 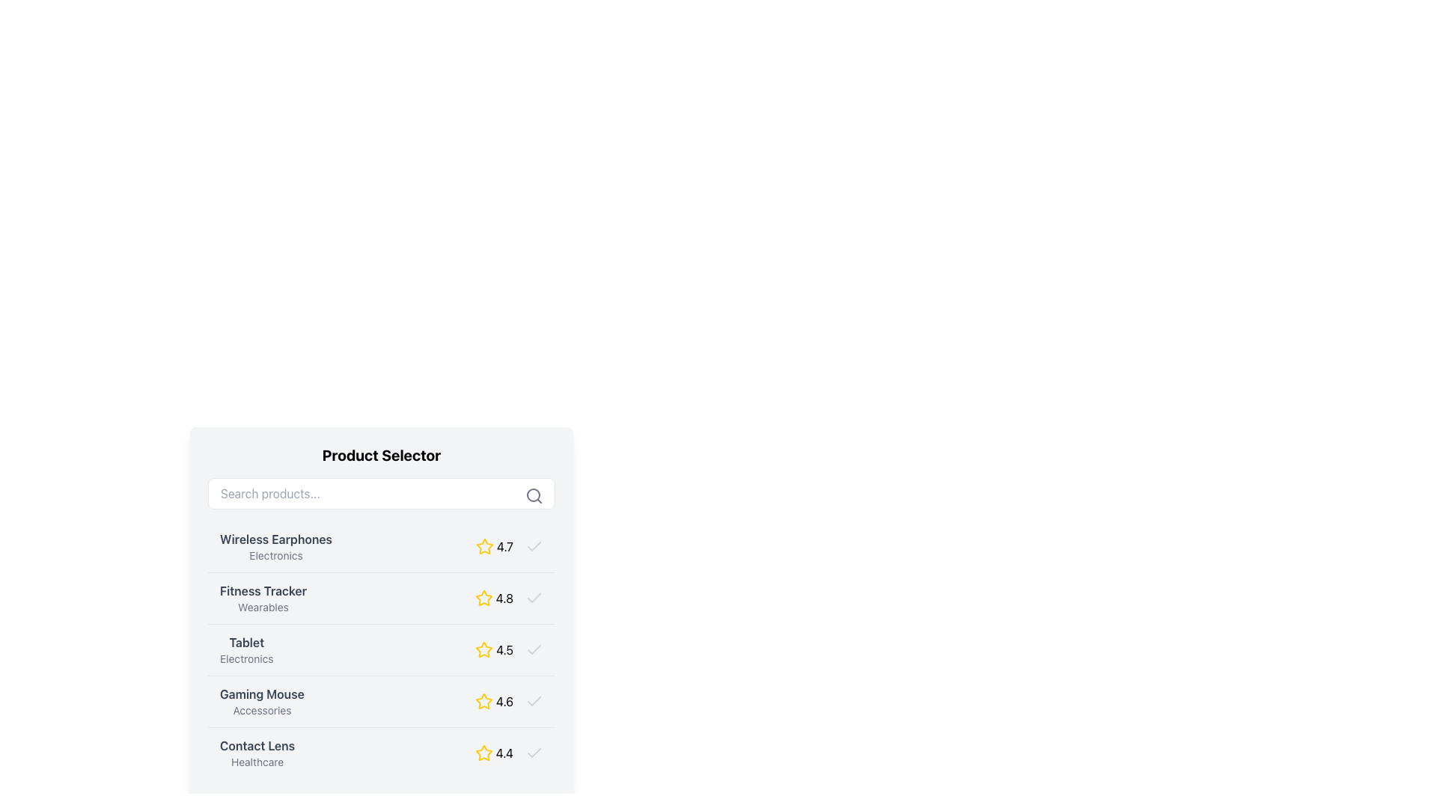 What do you see at coordinates (381, 611) in the screenshot?
I see `the second product list item located in the center of the product selector` at bounding box center [381, 611].